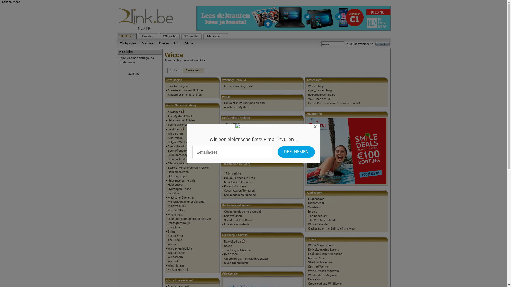 Image resolution: width=511 pixels, height=287 pixels. I want to click on 'Gathering of the Spirits of the Moon', so click(332, 228).